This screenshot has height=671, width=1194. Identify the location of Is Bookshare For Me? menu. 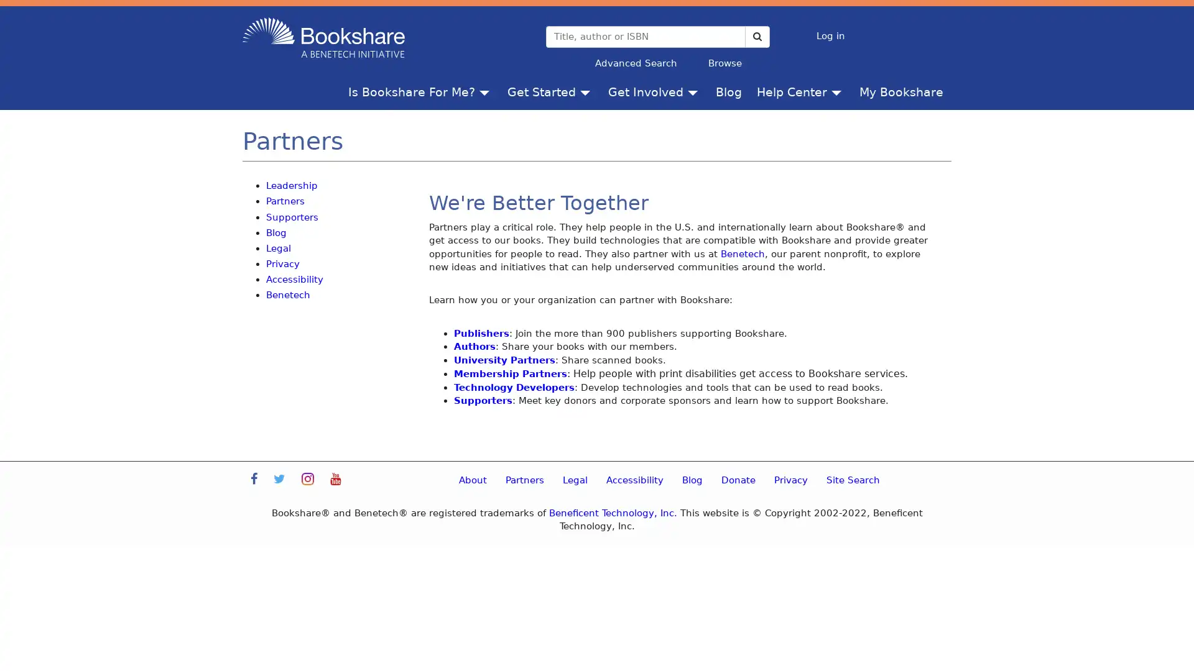
(486, 91).